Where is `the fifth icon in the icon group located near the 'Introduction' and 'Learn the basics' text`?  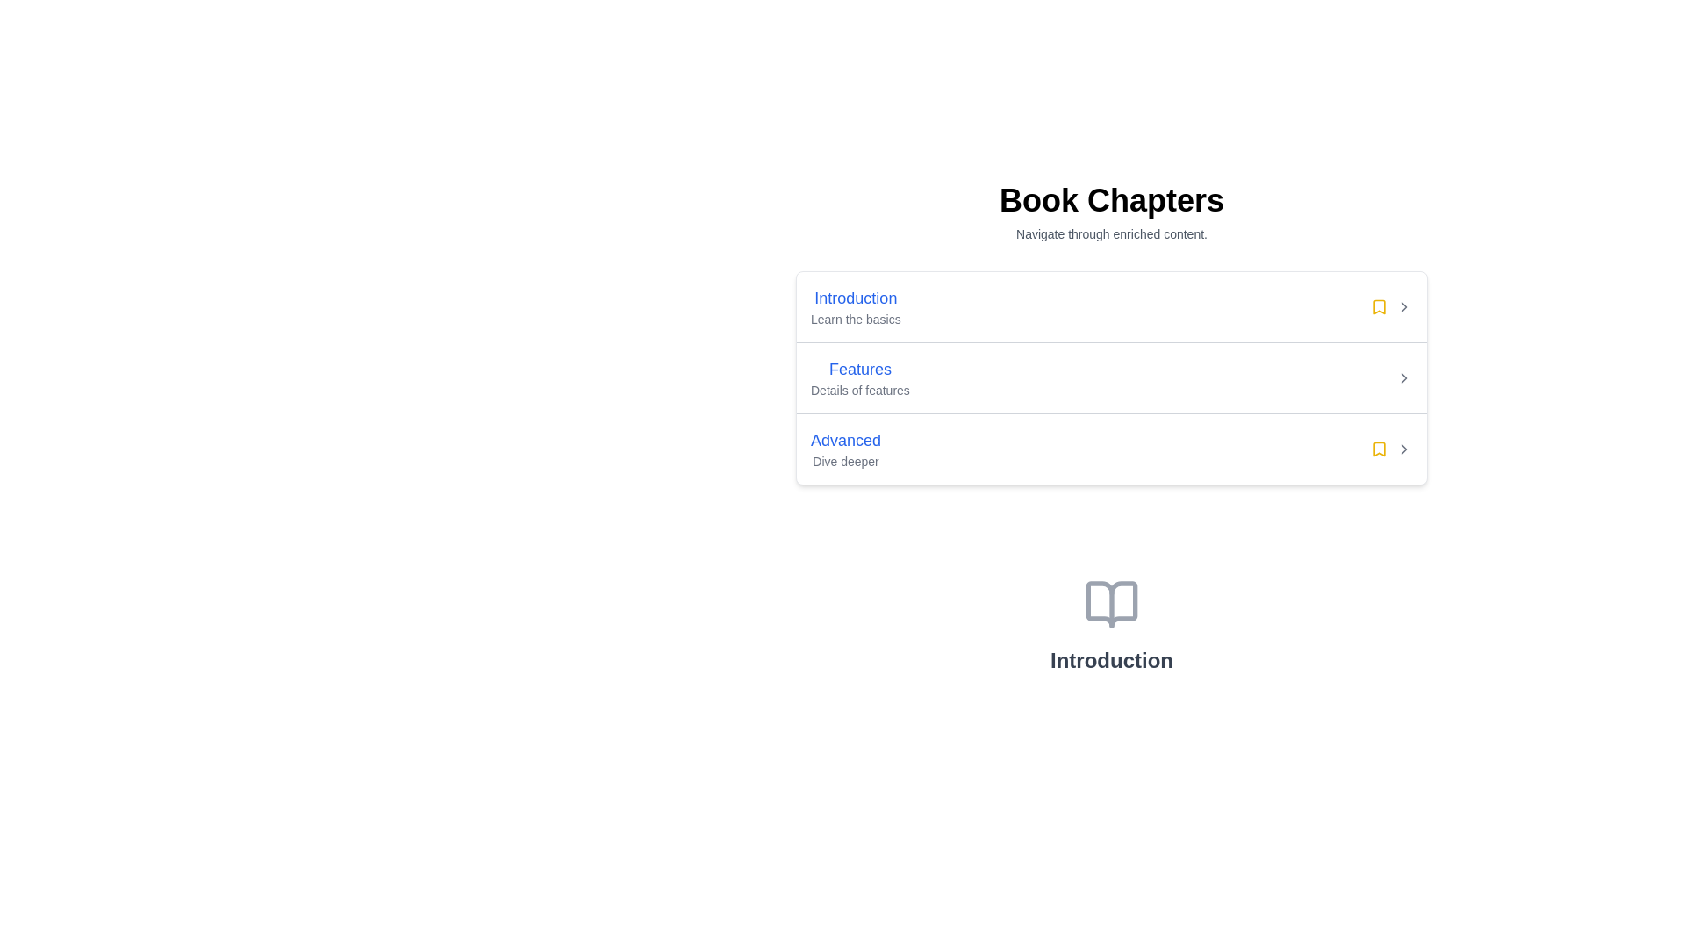
the fifth icon in the icon group located near the 'Introduction' and 'Learn the basics' text is located at coordinates (1390, 306).